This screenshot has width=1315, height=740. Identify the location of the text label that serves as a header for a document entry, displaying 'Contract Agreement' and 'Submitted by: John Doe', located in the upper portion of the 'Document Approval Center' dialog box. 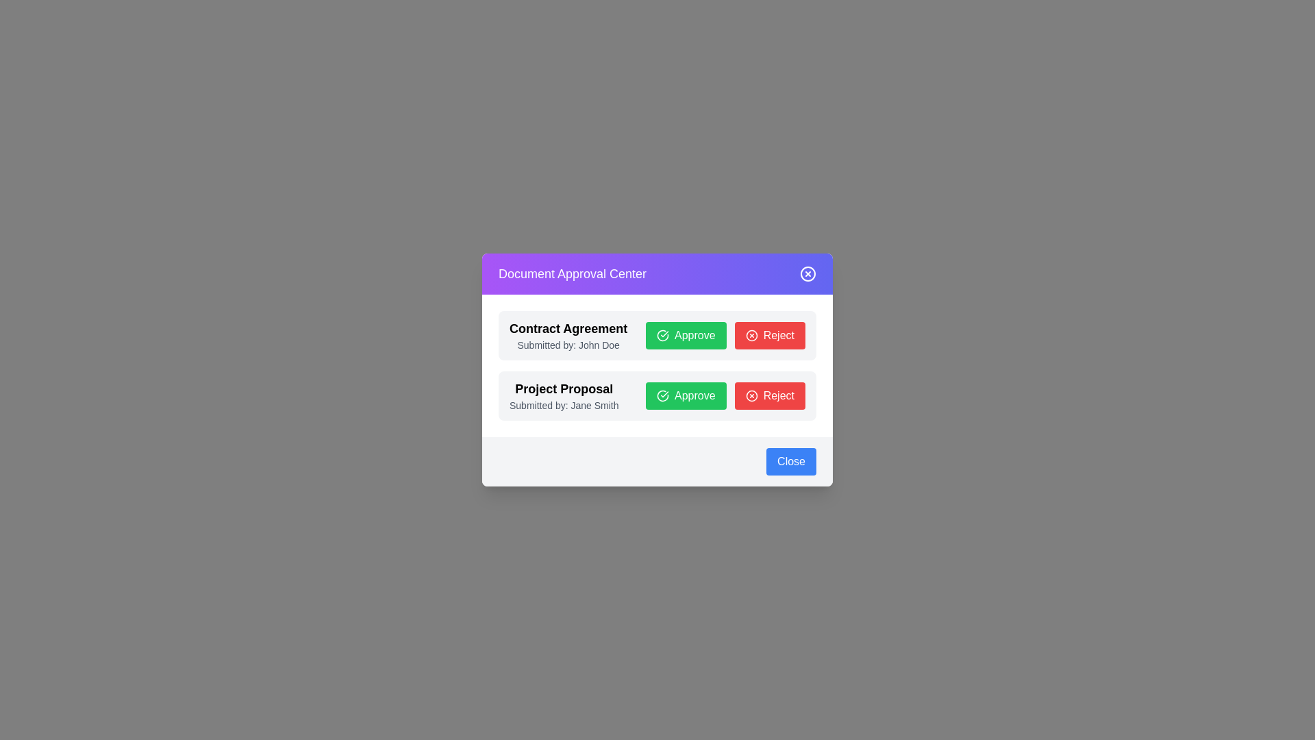
(568, 335).